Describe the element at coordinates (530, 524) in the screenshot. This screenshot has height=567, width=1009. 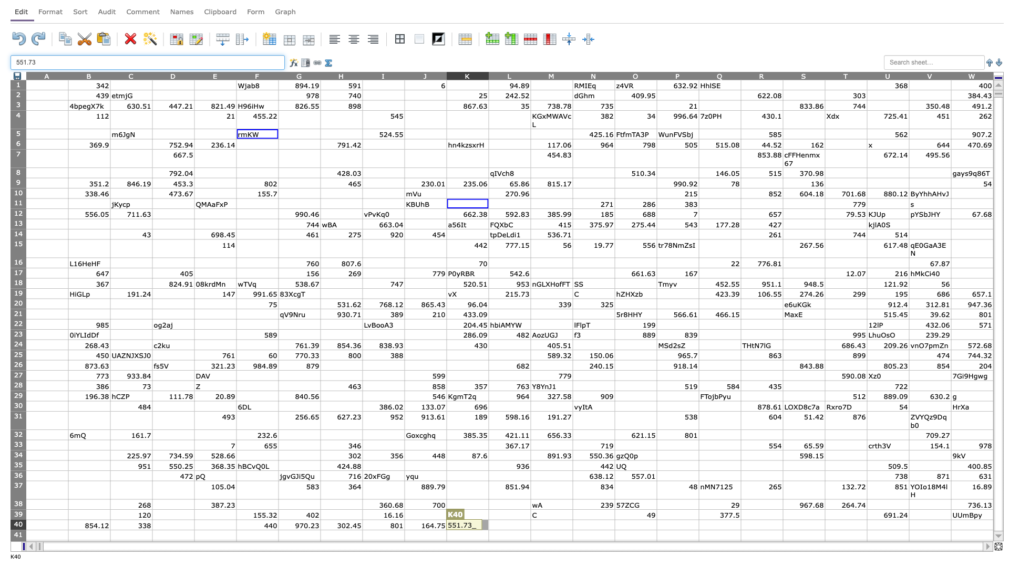
I see `Place cursor on left border of M40` at that location.